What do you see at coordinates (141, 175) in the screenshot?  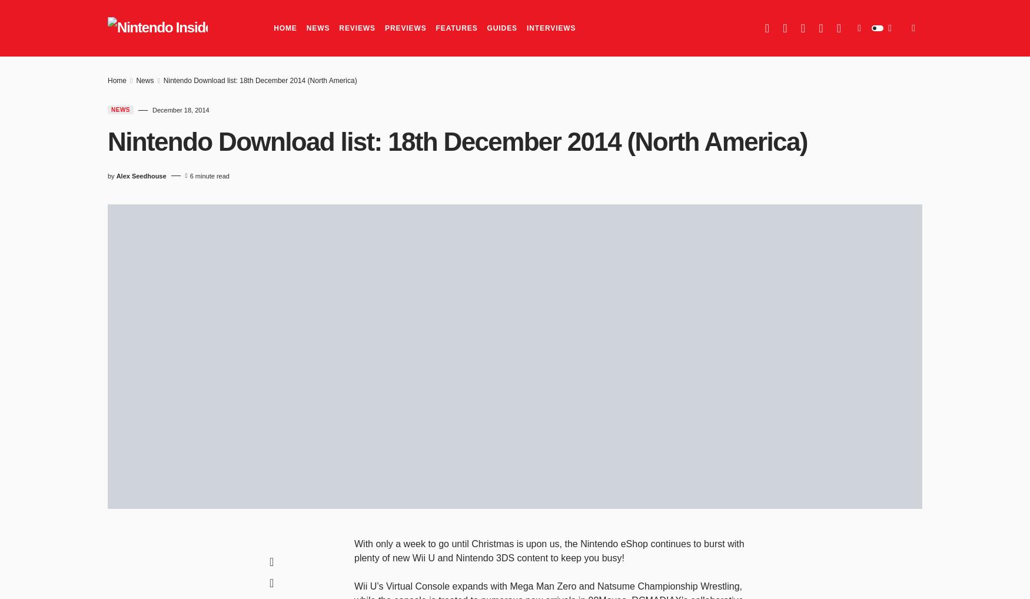 I see `'Alex Seedhouse'` at bounding box center [141, 175].